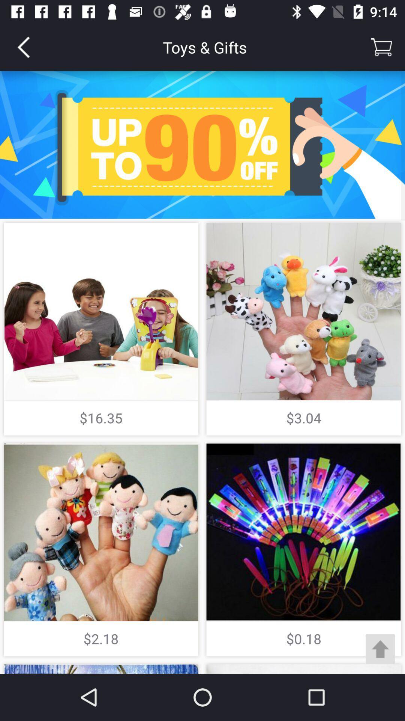 The height and width of the screenshot is (721, 405). What do you see at coordinates (380, 649) in the screenshot?
I see `option to scroll the page quickly` at bounding box center [380, 649].